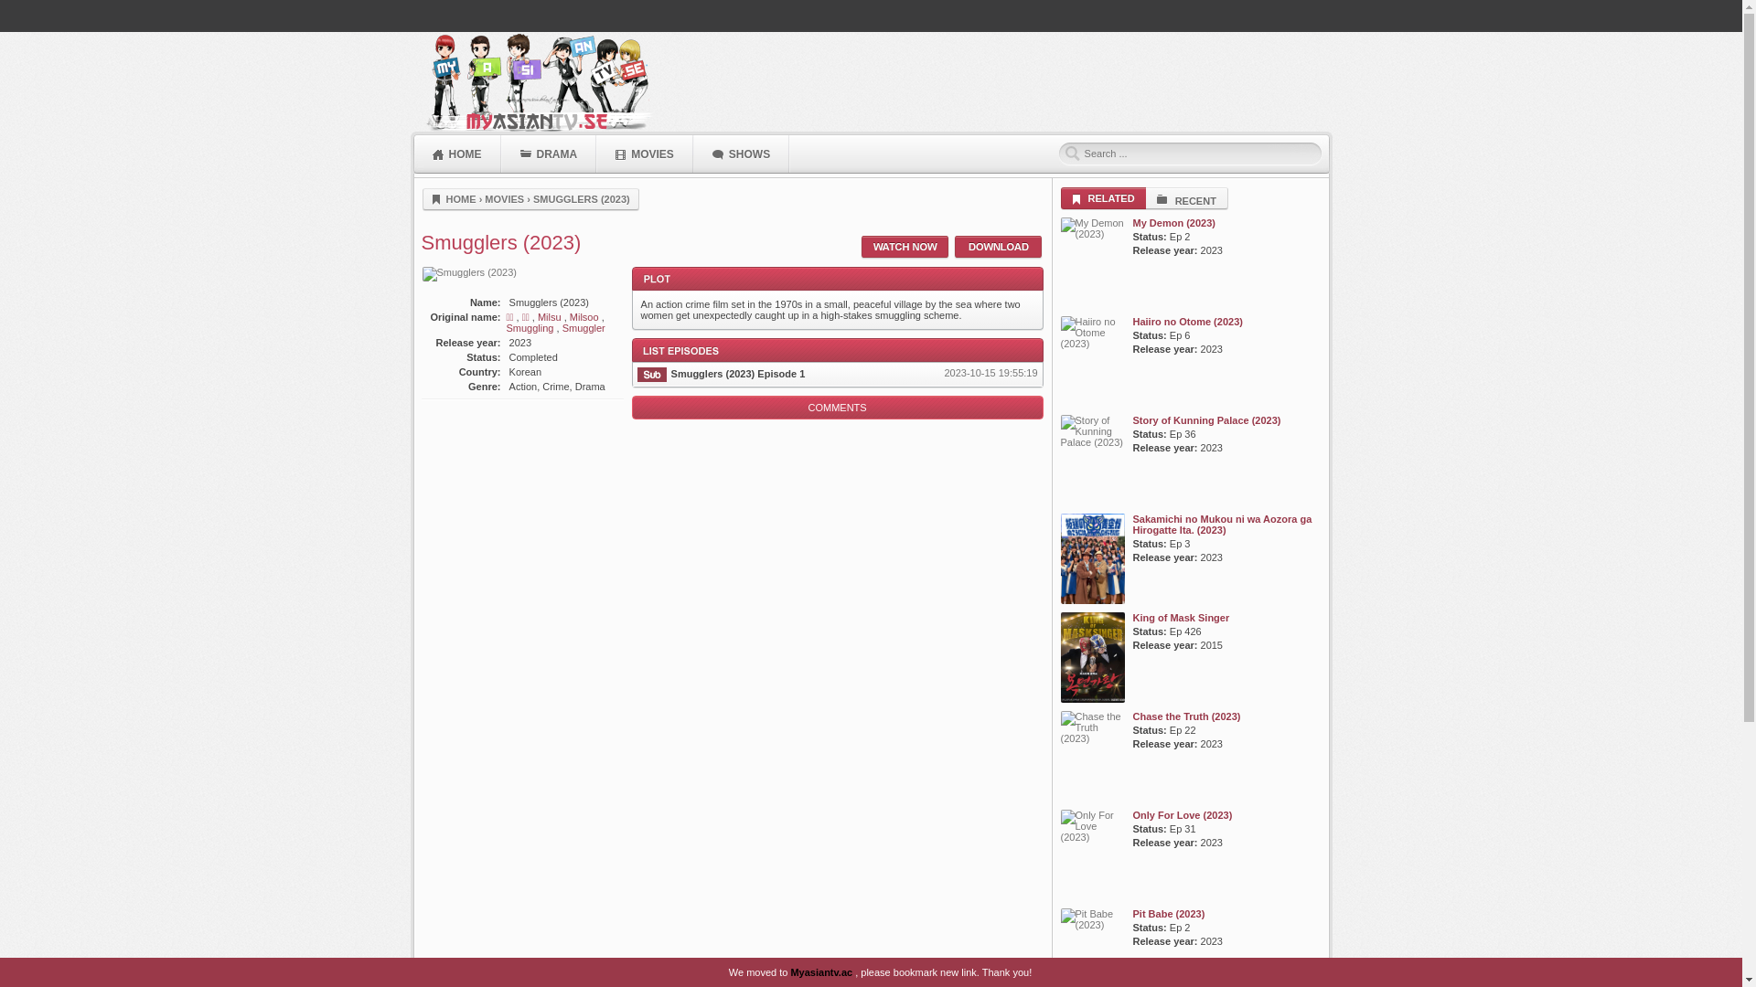 The image size is (1756, 987). What do you see at coordinates (587, 316) in the screenshot?
I see `'Milsoo'` at bounding box center [587, 316].